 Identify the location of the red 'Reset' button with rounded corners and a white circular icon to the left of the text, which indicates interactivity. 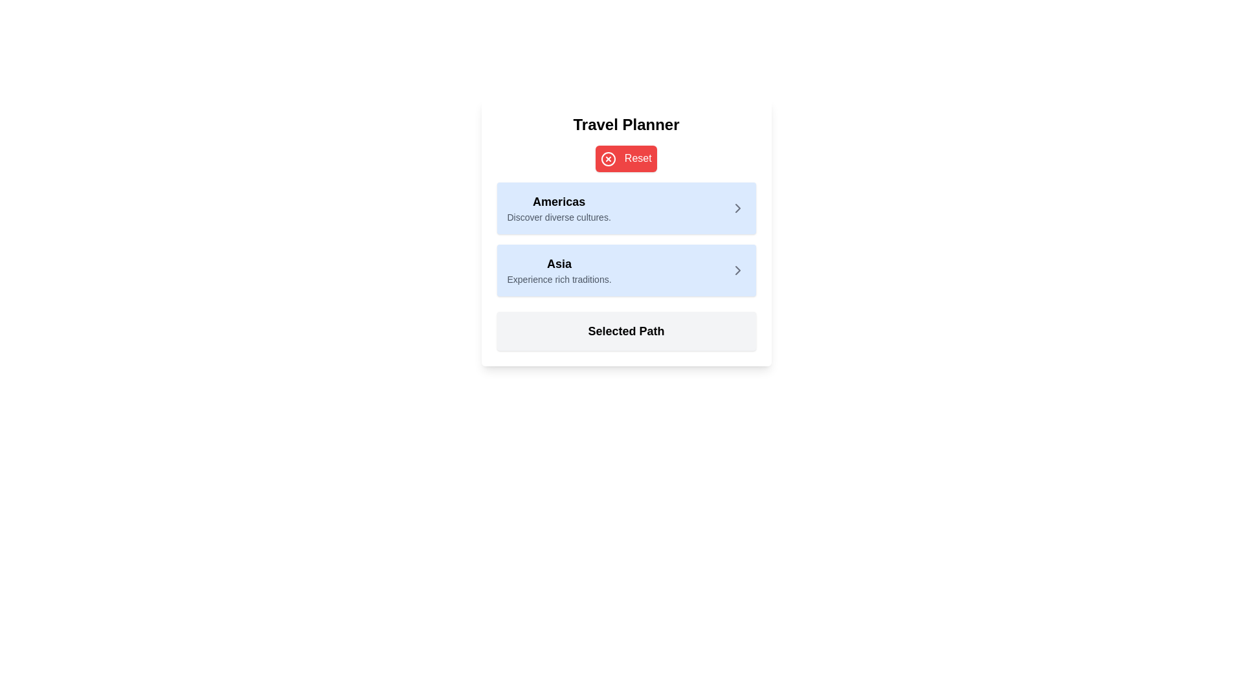
(626, 158).